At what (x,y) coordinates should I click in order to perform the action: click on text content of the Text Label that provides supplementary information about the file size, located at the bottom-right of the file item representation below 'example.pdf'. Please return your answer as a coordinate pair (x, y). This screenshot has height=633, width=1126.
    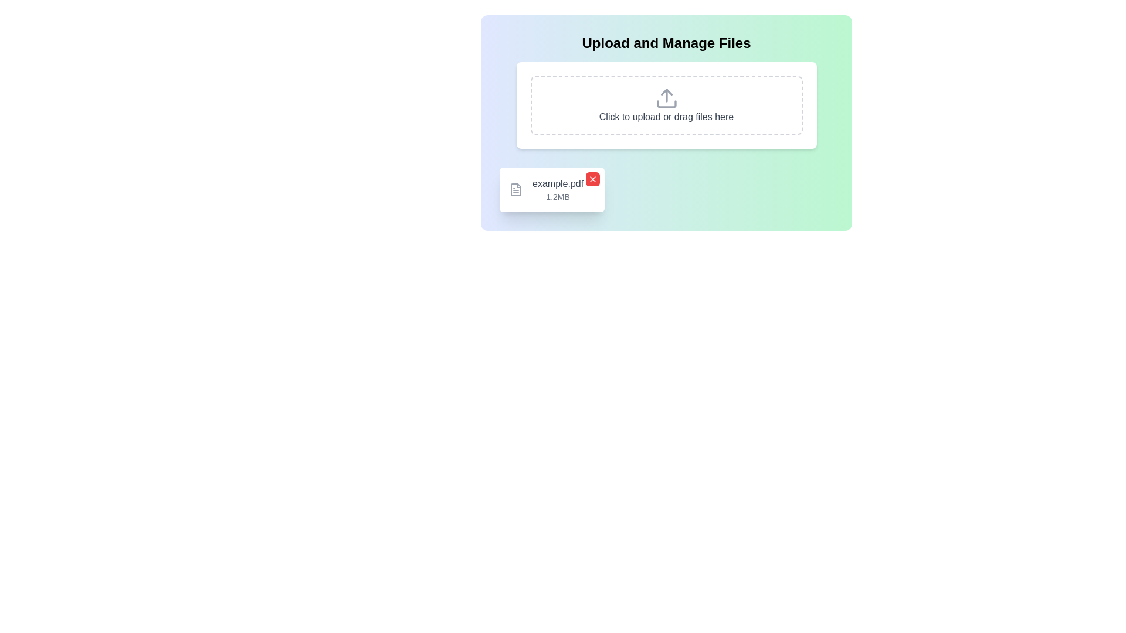
    Looking at the image, I should click on (557, 196).